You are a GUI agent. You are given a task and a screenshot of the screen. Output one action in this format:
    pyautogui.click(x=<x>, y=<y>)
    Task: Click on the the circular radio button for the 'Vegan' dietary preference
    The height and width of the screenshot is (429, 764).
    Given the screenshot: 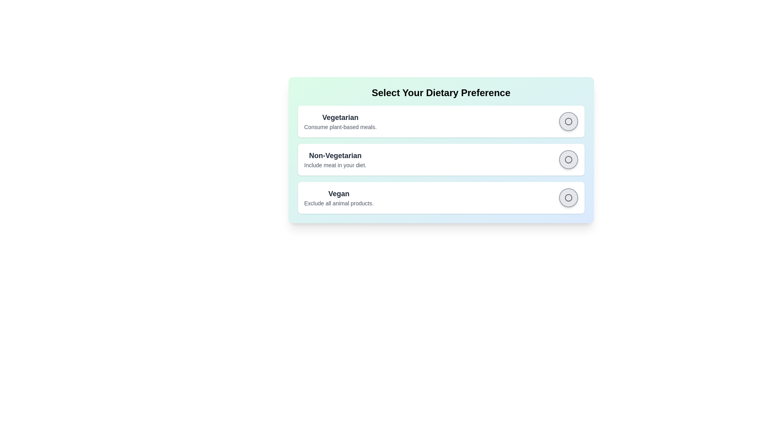 What is the action you would take?
    pyautogui.click(x=568, y=197)
    